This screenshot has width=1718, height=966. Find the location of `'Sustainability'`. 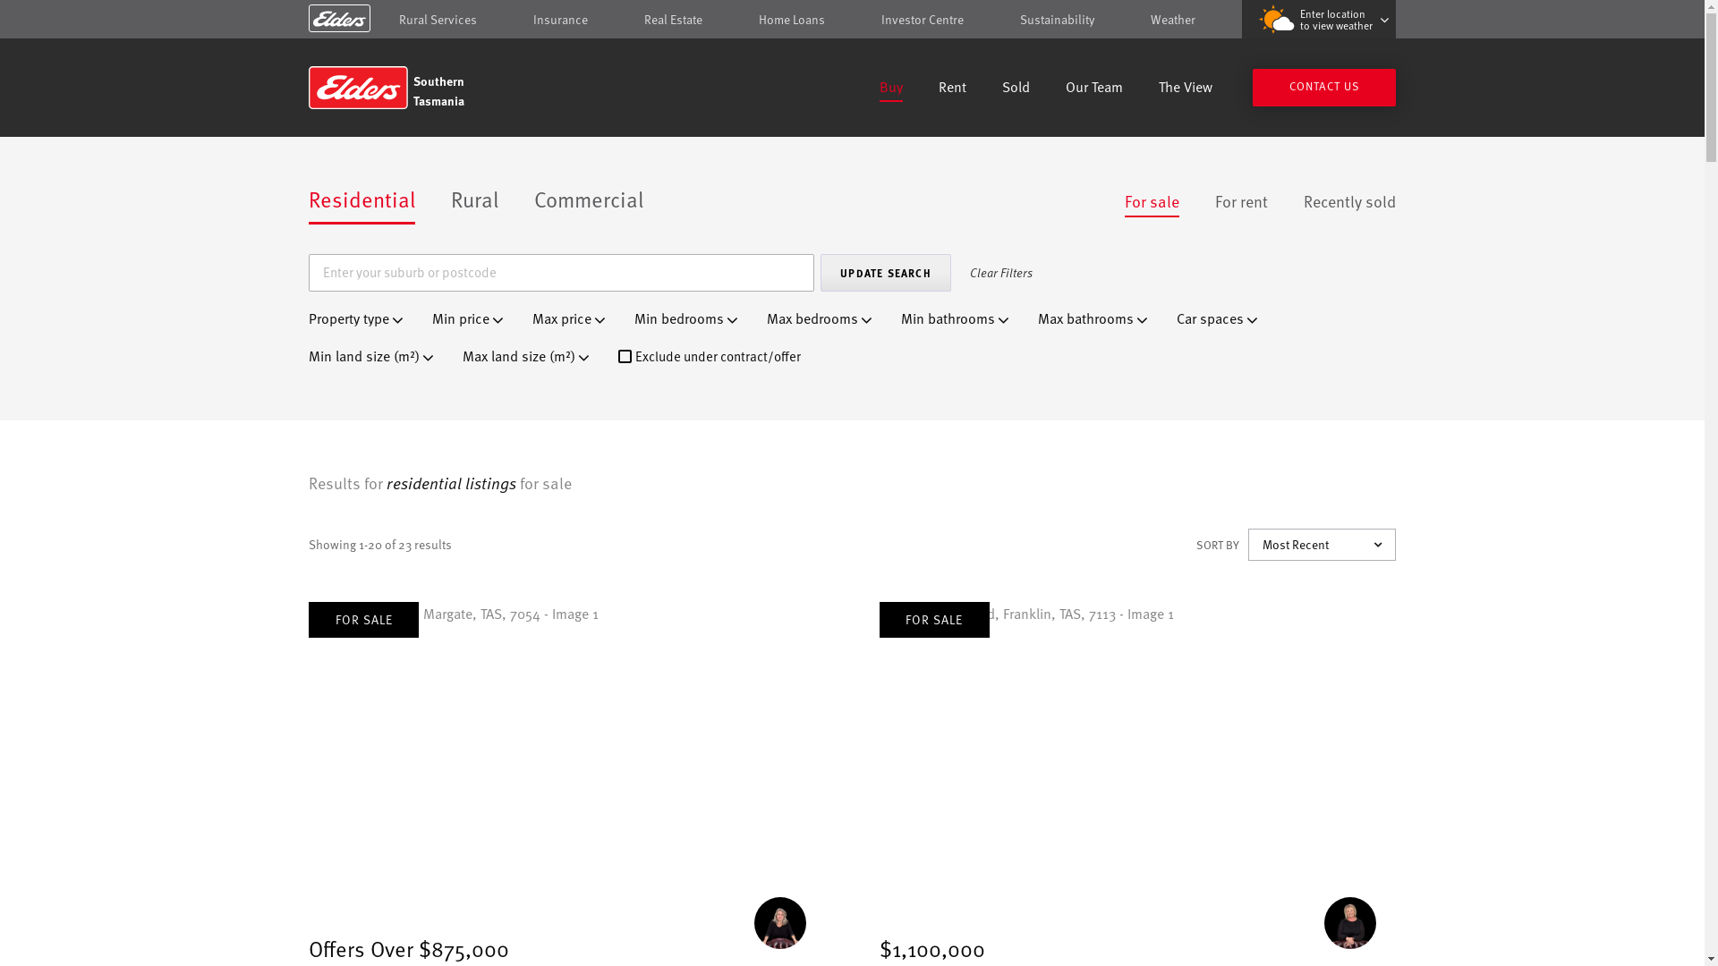

'Sustainability' is located at coordinates (1057, 19).